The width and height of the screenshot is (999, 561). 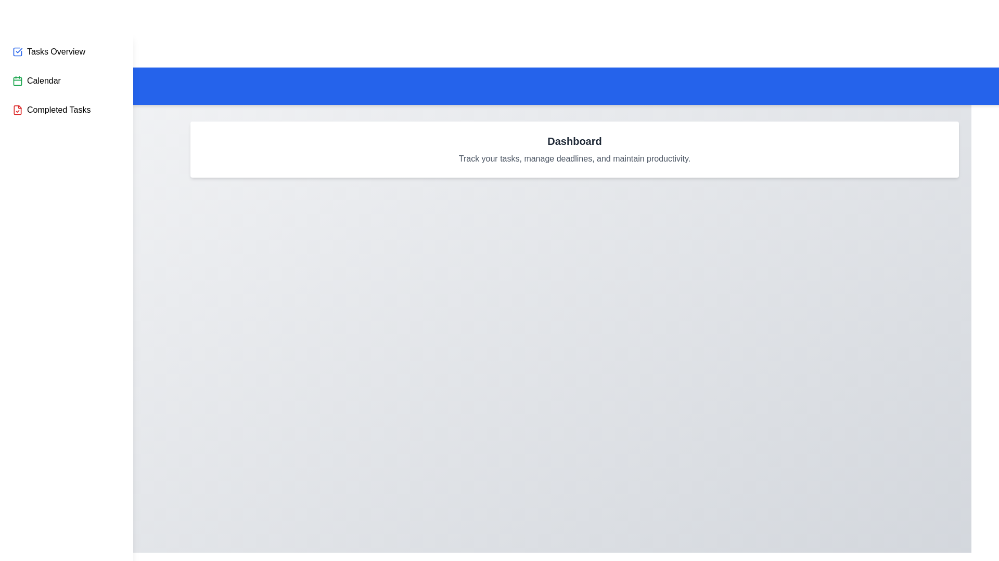 I want to click on the 'Completed Tasks' menu item, which is a horizontal button with a red document checkmark icon, so click(x=51, y=110).